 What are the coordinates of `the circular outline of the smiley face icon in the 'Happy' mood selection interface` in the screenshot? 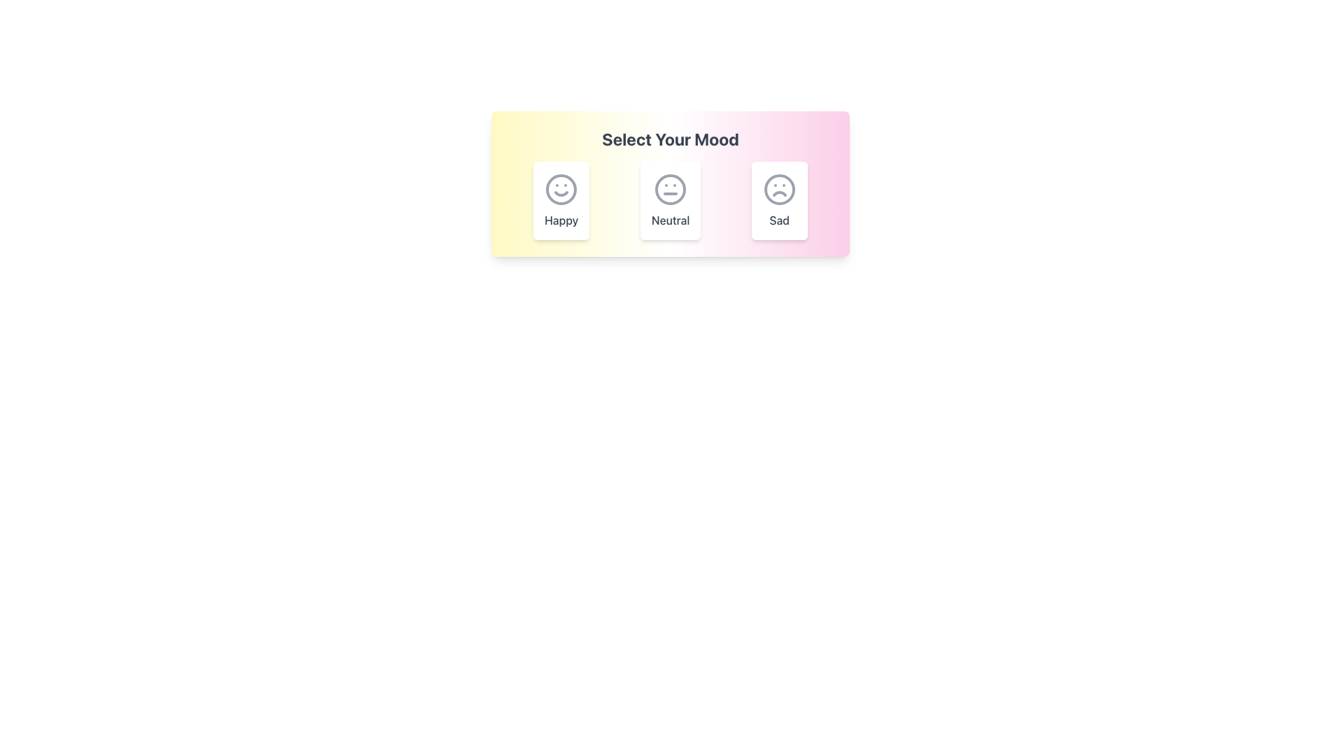 It's located at (561, 189).